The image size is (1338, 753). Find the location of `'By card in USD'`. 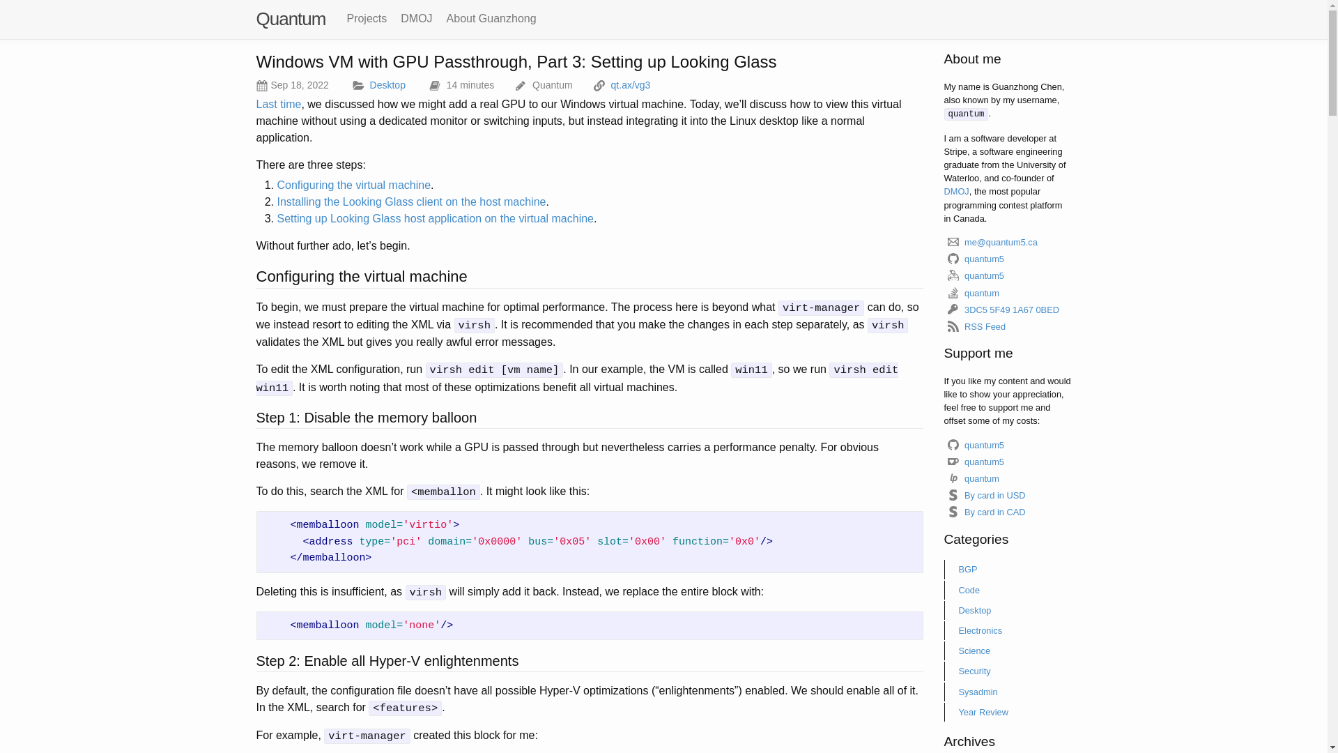

'By card in USD' is located at coordinates (943, 494).